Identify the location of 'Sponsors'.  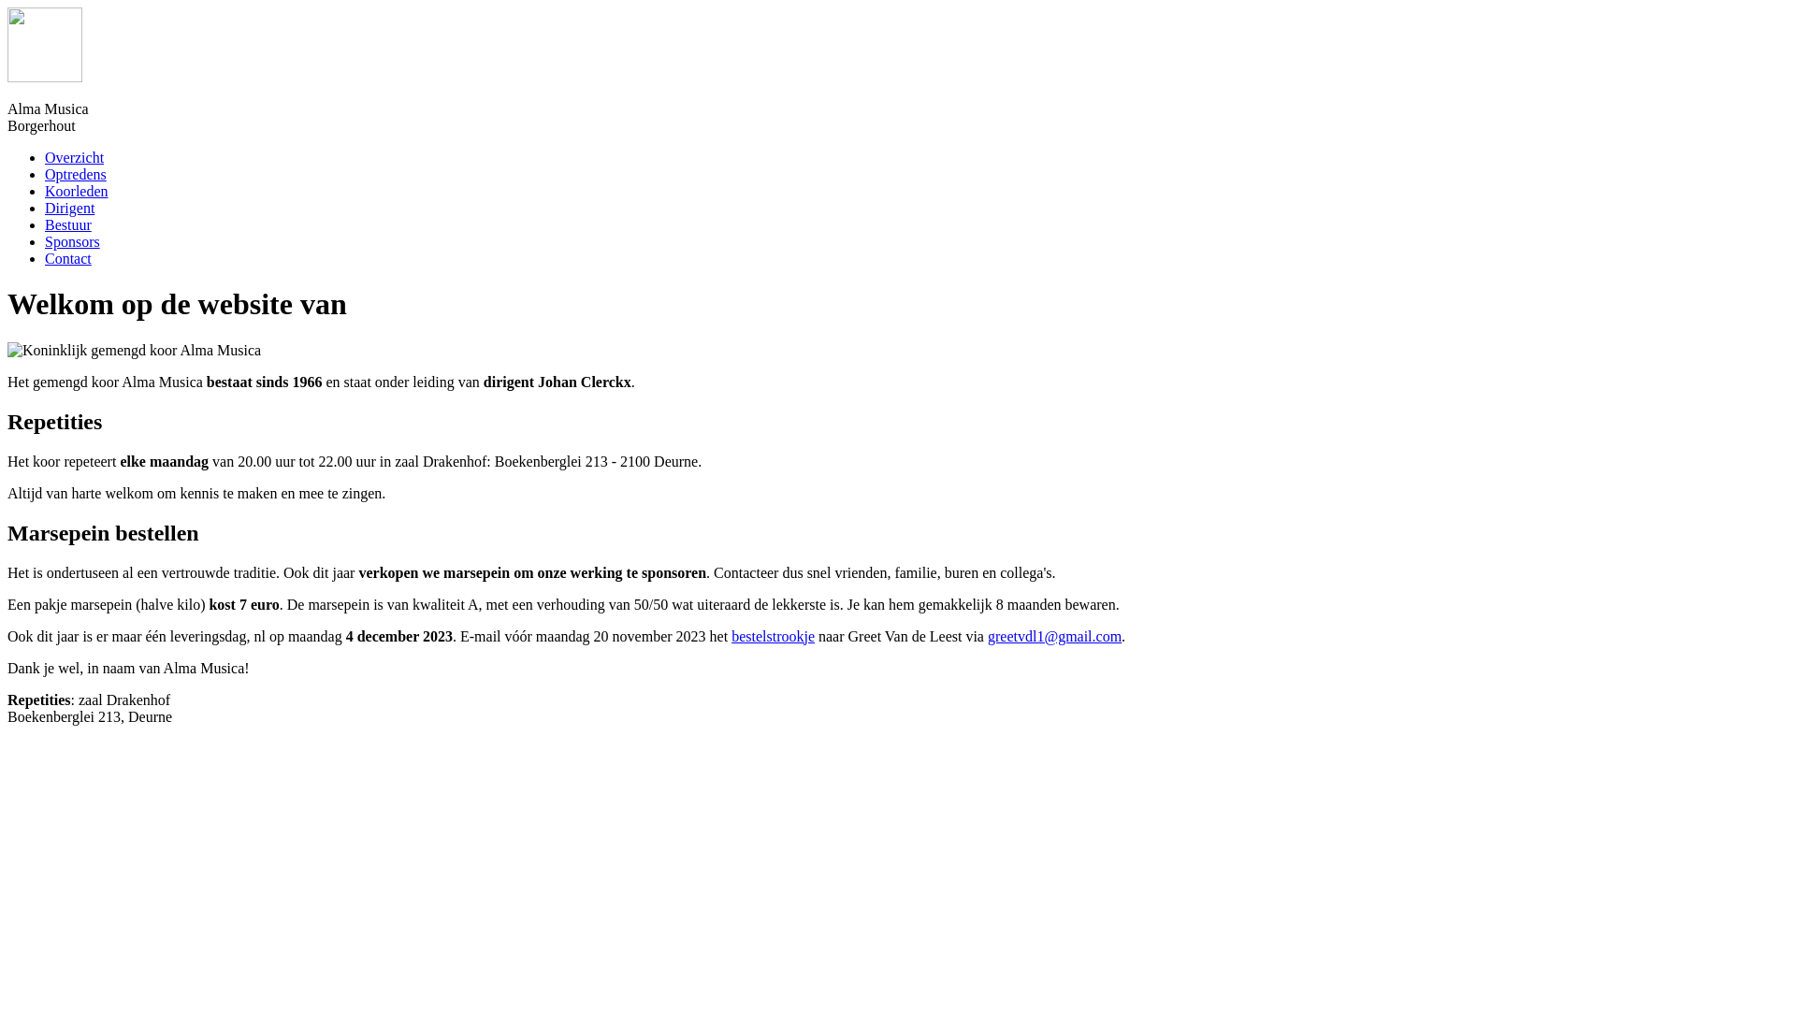
(72, 240).